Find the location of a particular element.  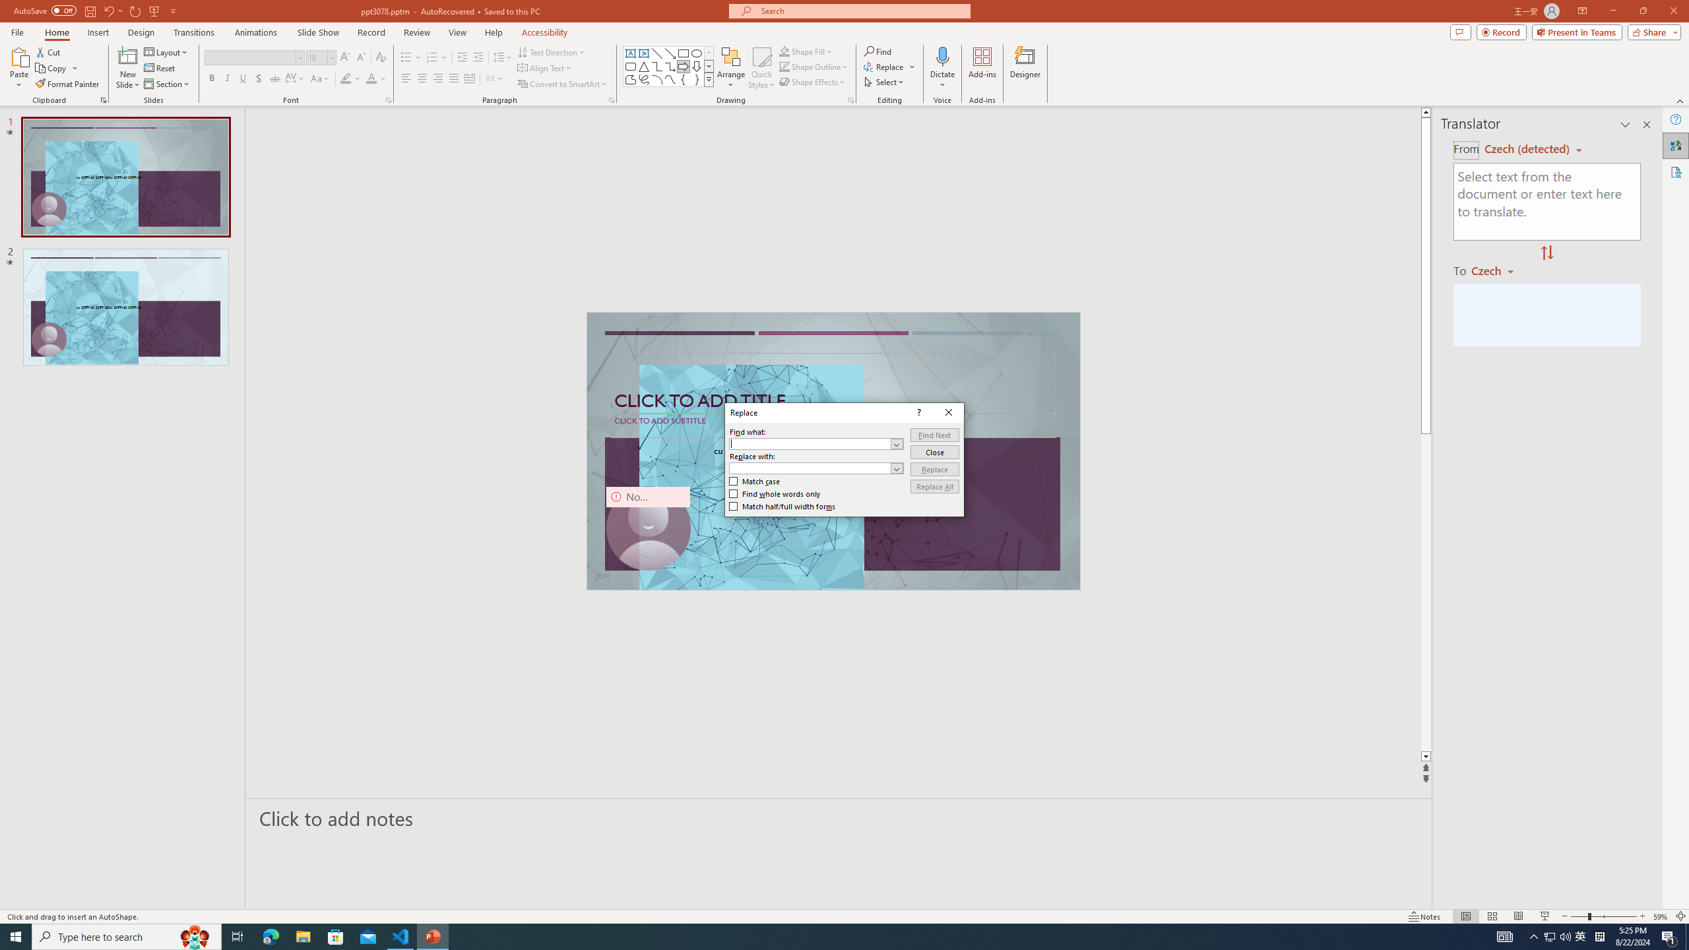

'Replace with' is located at coordinates (810, 468).